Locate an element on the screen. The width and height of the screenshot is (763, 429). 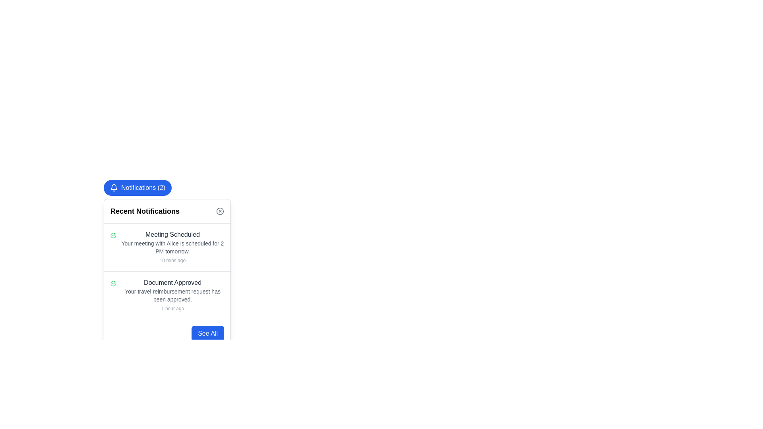
the text element that provides details about the approval of the travel reimbursement request, located below the 'Document Approved' heading and above the '1 hour ago' timestamp in the second notification slot of the 'Recent Notifications' area is located at coordinates (172, 296).